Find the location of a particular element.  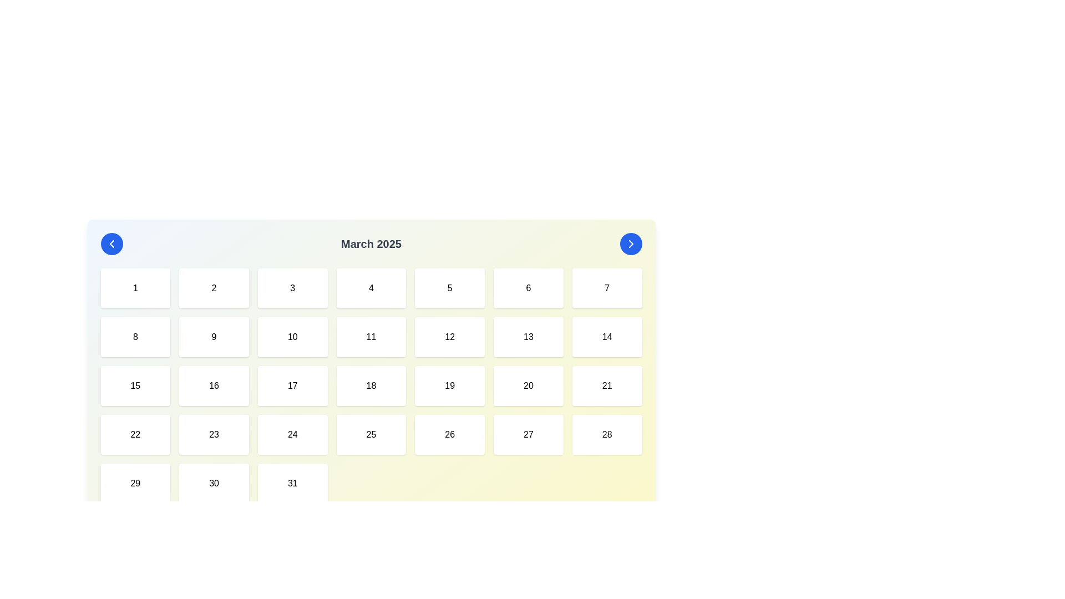

the calendar day cell representing the date '22', which is a box with a white background and rounded corners, containing the text '22' in black, located in the fourth row, first column of the calendar grid is located at coordinates (135, 434).